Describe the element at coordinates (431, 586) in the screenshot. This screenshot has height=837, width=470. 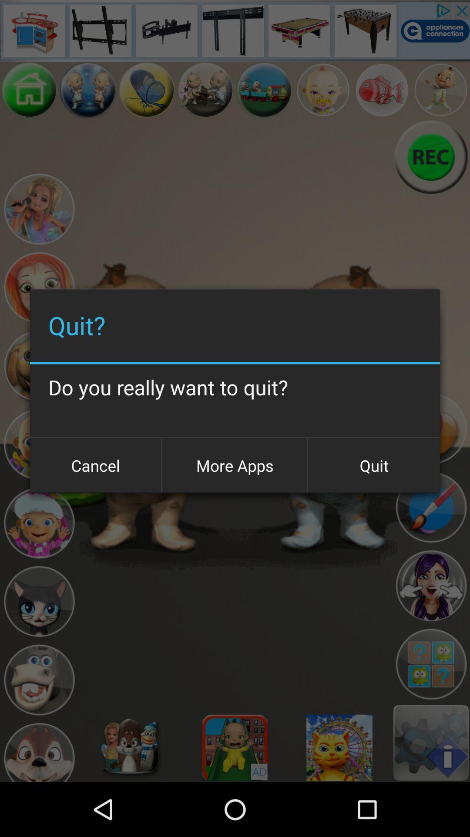
I see `choose the selection` at that location.